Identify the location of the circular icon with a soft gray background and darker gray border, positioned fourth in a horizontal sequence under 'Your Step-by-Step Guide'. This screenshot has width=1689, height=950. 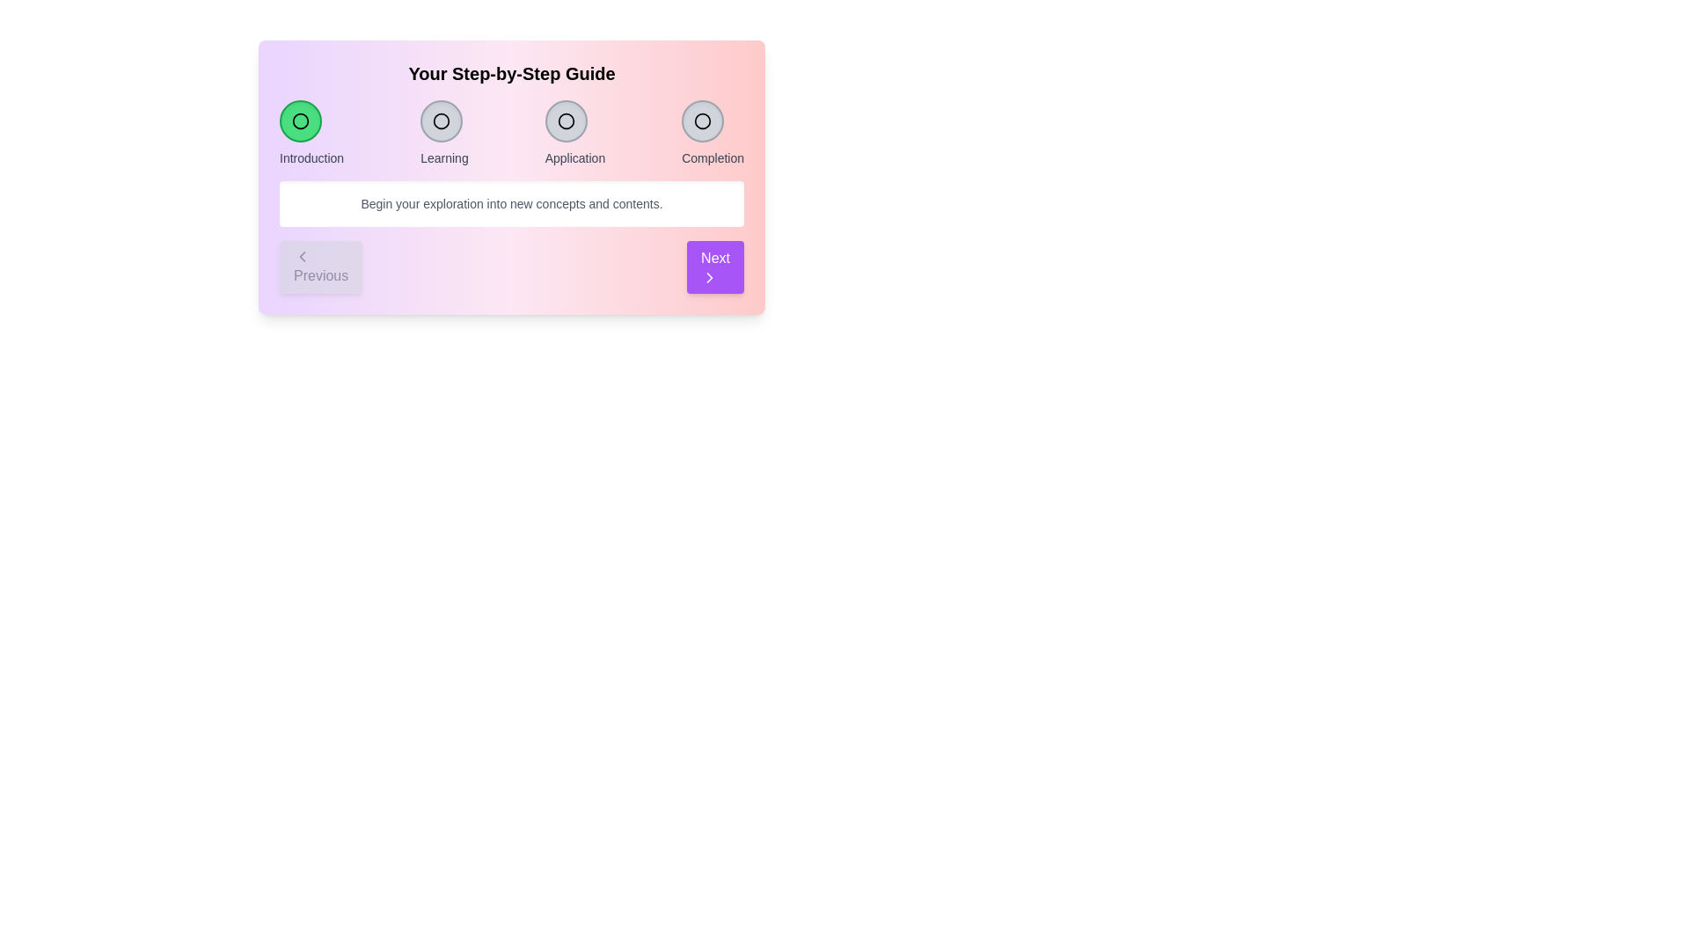
(702, 121).